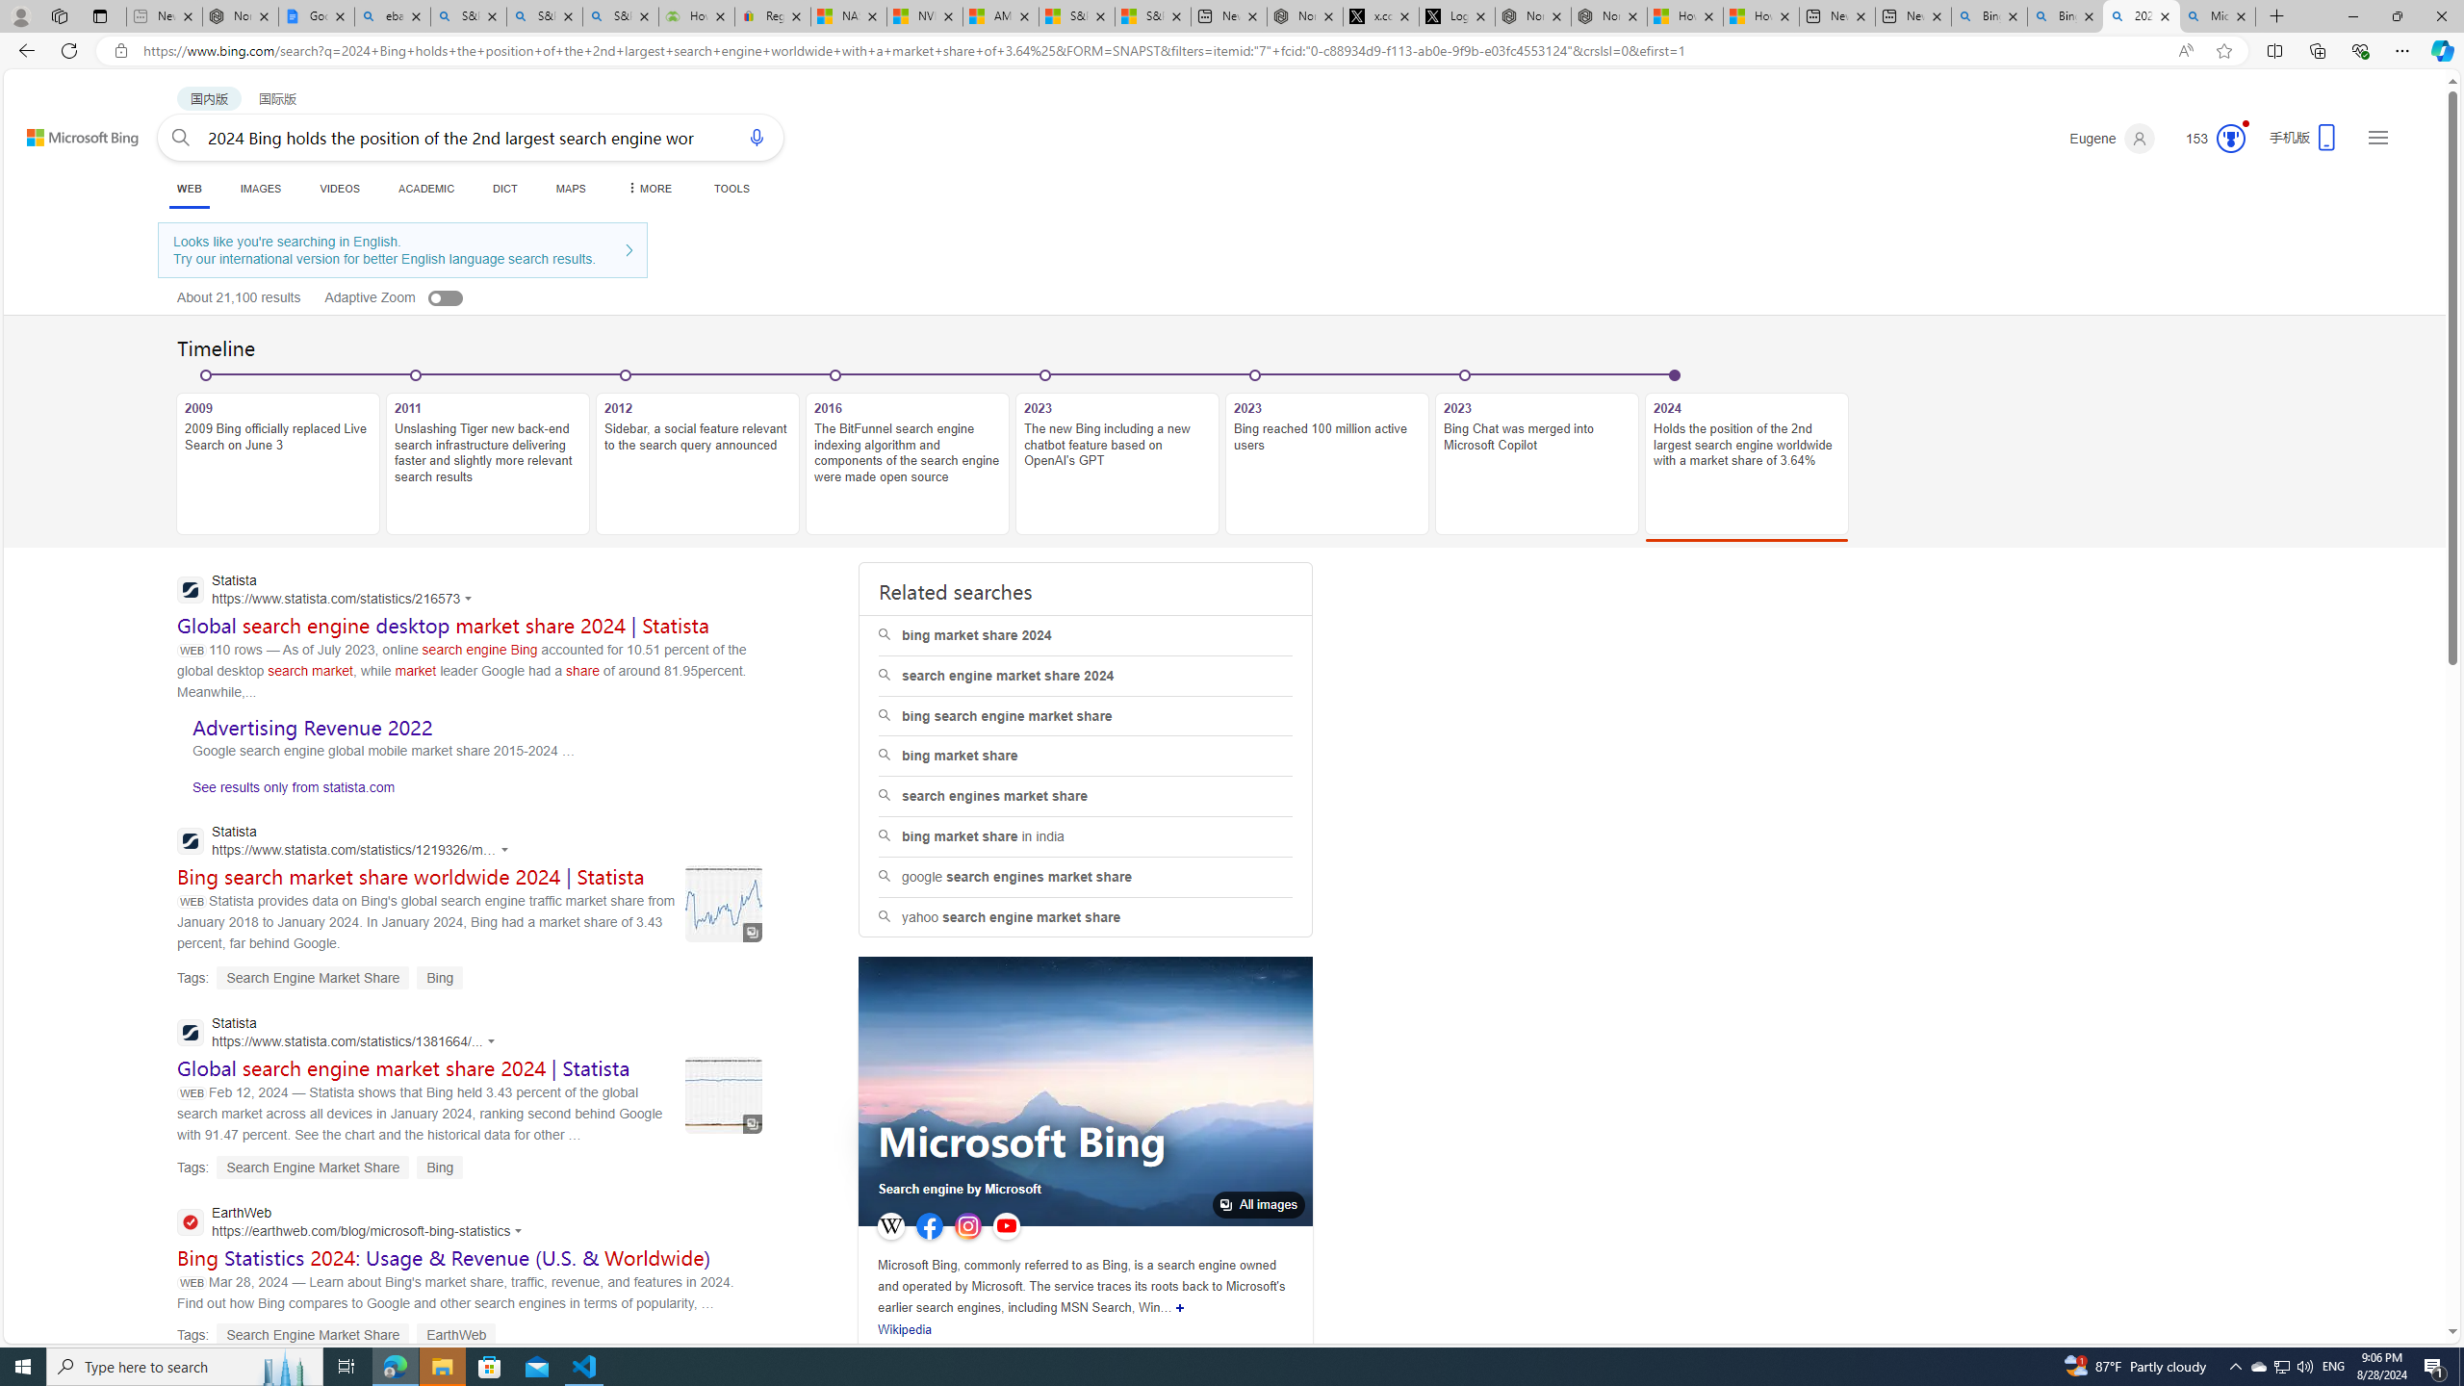 This screenshot has width=2464, height=1386. Describe the element at coordinates (755, 136) in the screenshot. I see `'Search using voice'` at that location.